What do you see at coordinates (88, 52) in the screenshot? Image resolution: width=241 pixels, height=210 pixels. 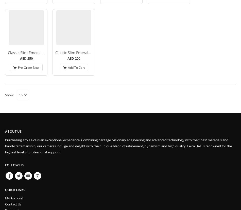 I see `'Classic Slim Emerald Strap – M- 100cm'` at bounding box center [88, 52].